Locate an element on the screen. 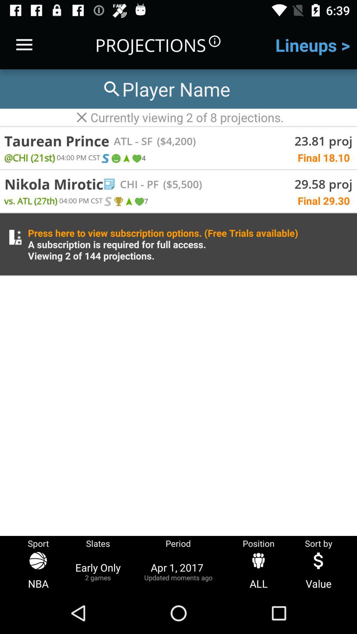 The width and height of the screenshot is (357, 634). the logo at bottom left is located at coordinates (15, 237).